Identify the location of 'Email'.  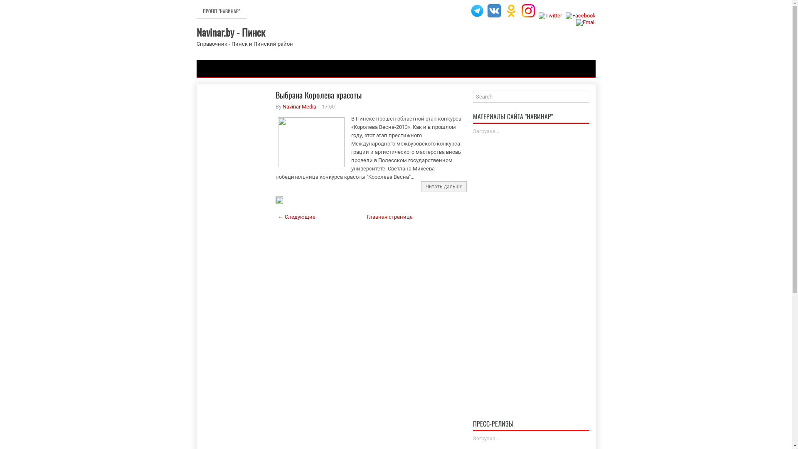
(585, 22).